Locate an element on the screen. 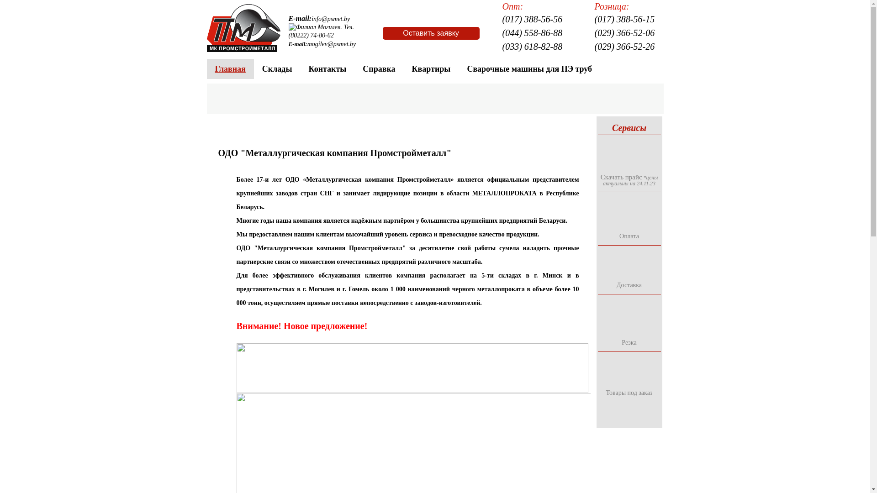  'info@psmet.by' is located at coordinates (330, 19).